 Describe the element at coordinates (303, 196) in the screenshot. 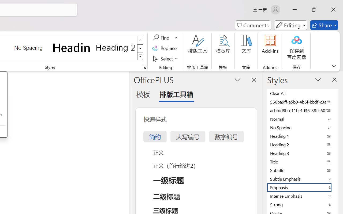

I see `'Intense Emphasis'` at that location.